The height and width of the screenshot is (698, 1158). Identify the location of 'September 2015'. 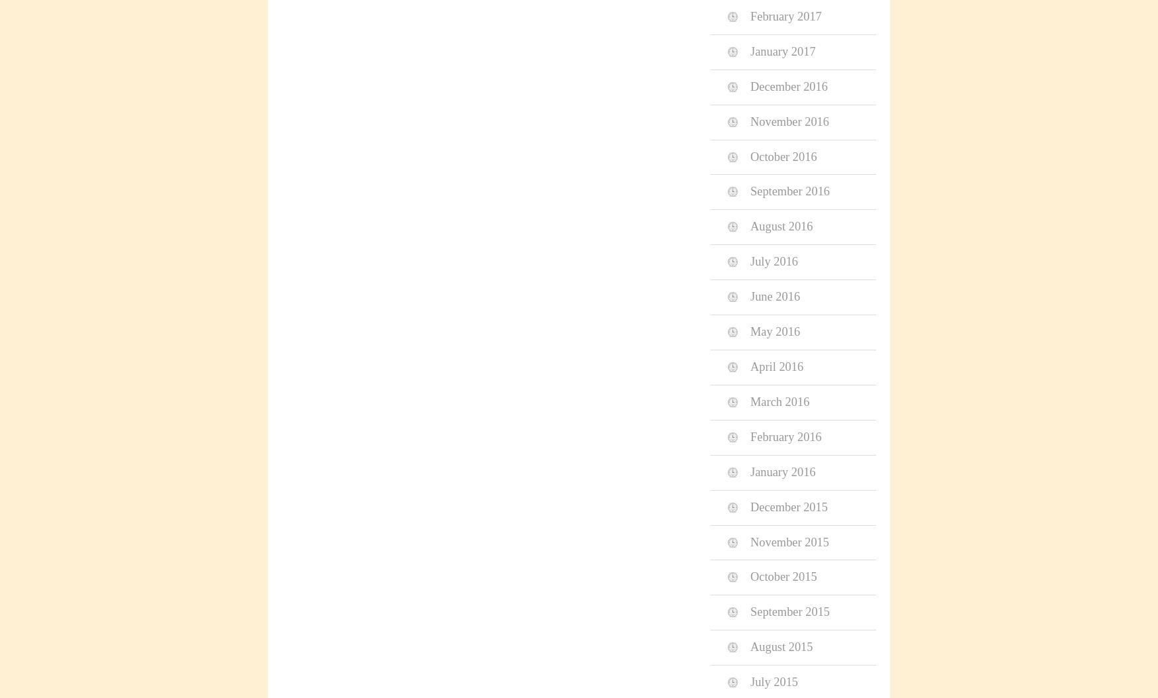
(790, 611).